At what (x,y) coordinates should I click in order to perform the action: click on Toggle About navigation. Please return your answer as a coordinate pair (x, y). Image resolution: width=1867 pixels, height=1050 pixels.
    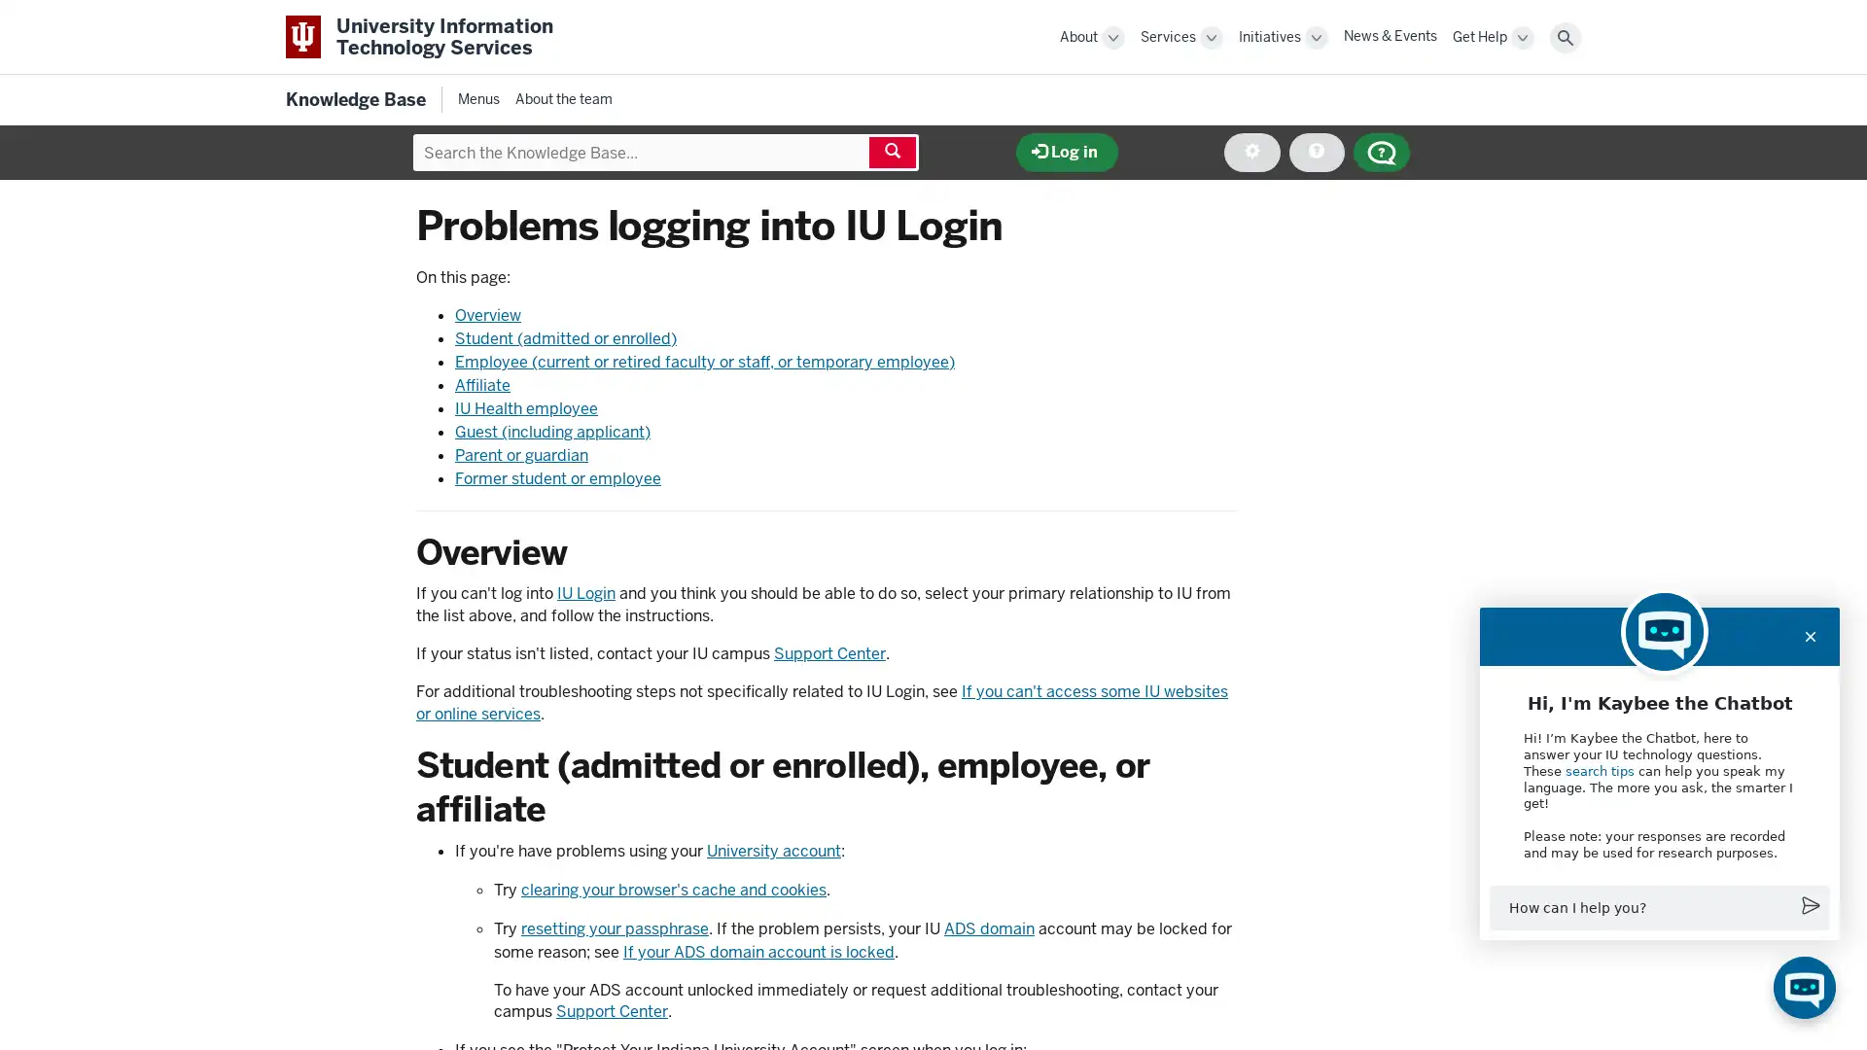
    Looking at the image, I should click on (1113, 37).